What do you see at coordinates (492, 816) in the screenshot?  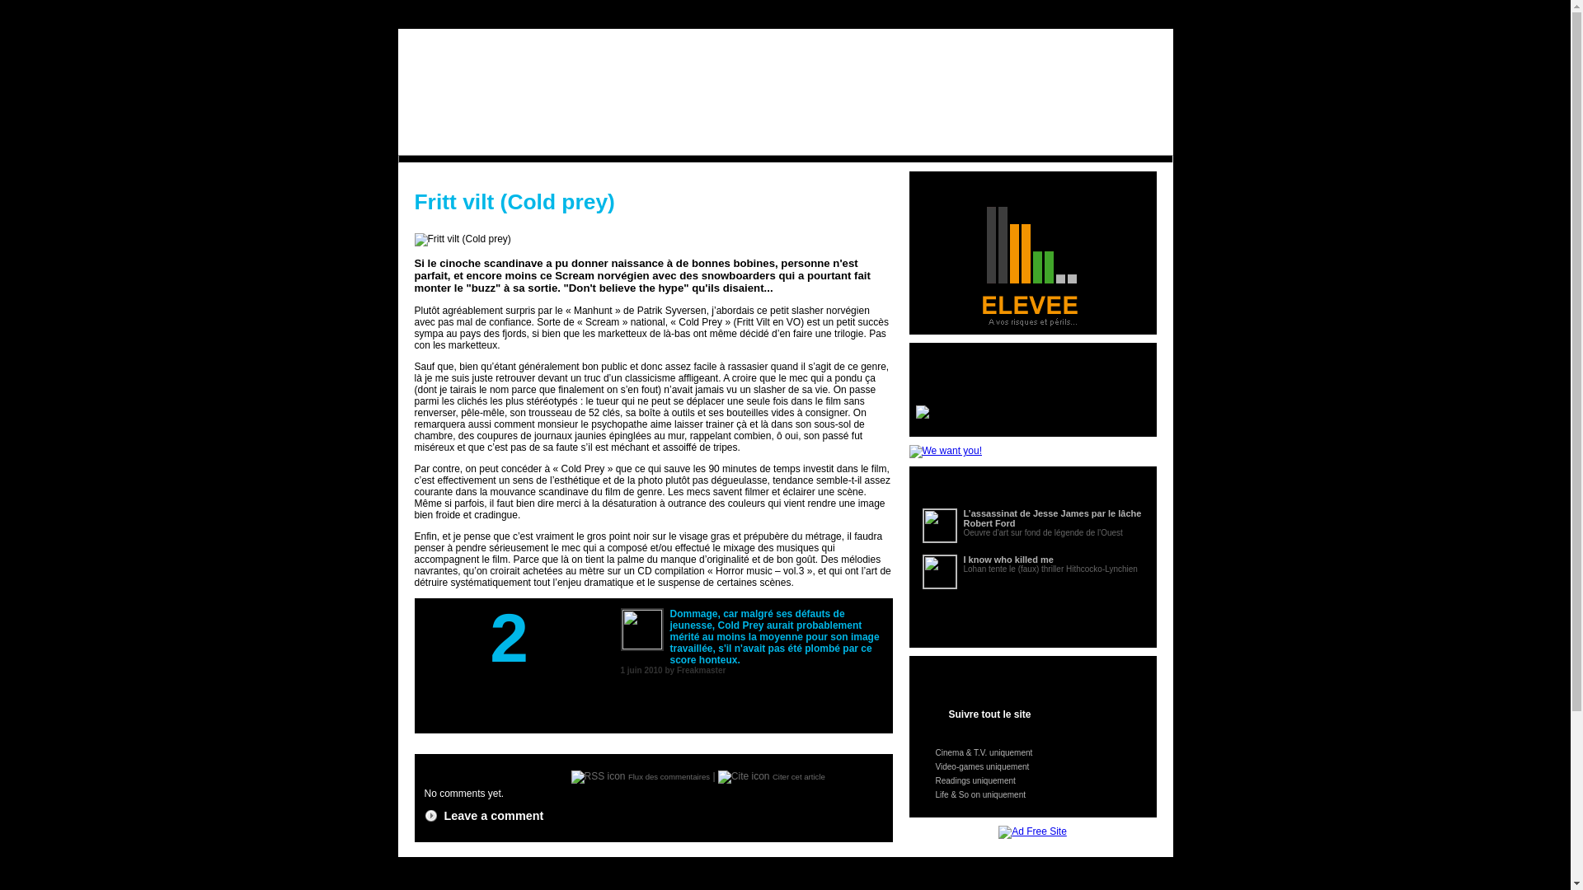 I see `'Leave a comment'` at bounding box center [492, 816].